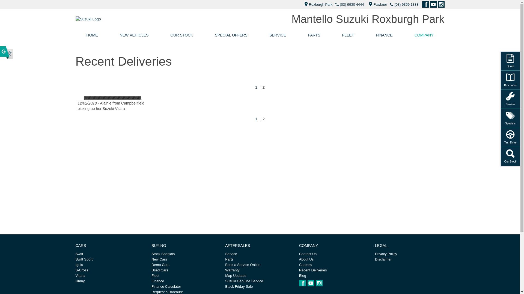 The width and height of the screenshot is (524, 294). Describe the element at coordinates (181, 35) in the screenshot. I see `'OUR STOCK'` at that location.